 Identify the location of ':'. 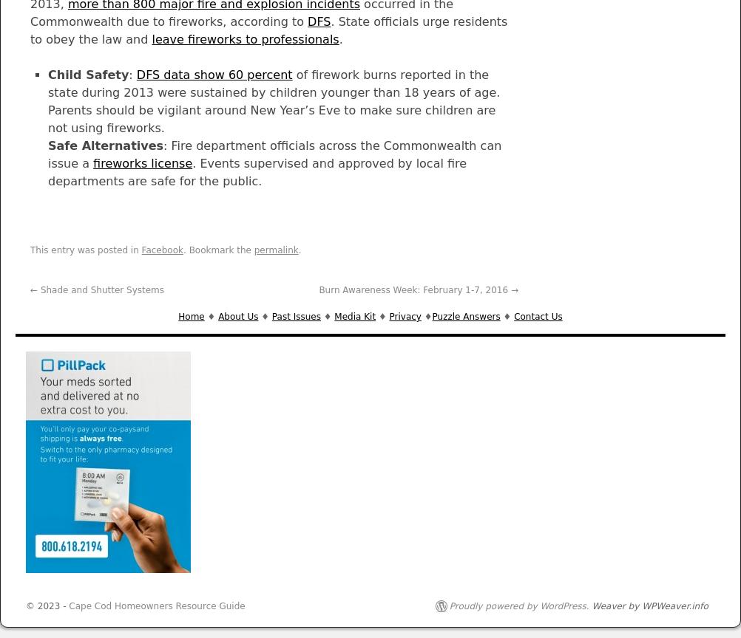
(132, 75).